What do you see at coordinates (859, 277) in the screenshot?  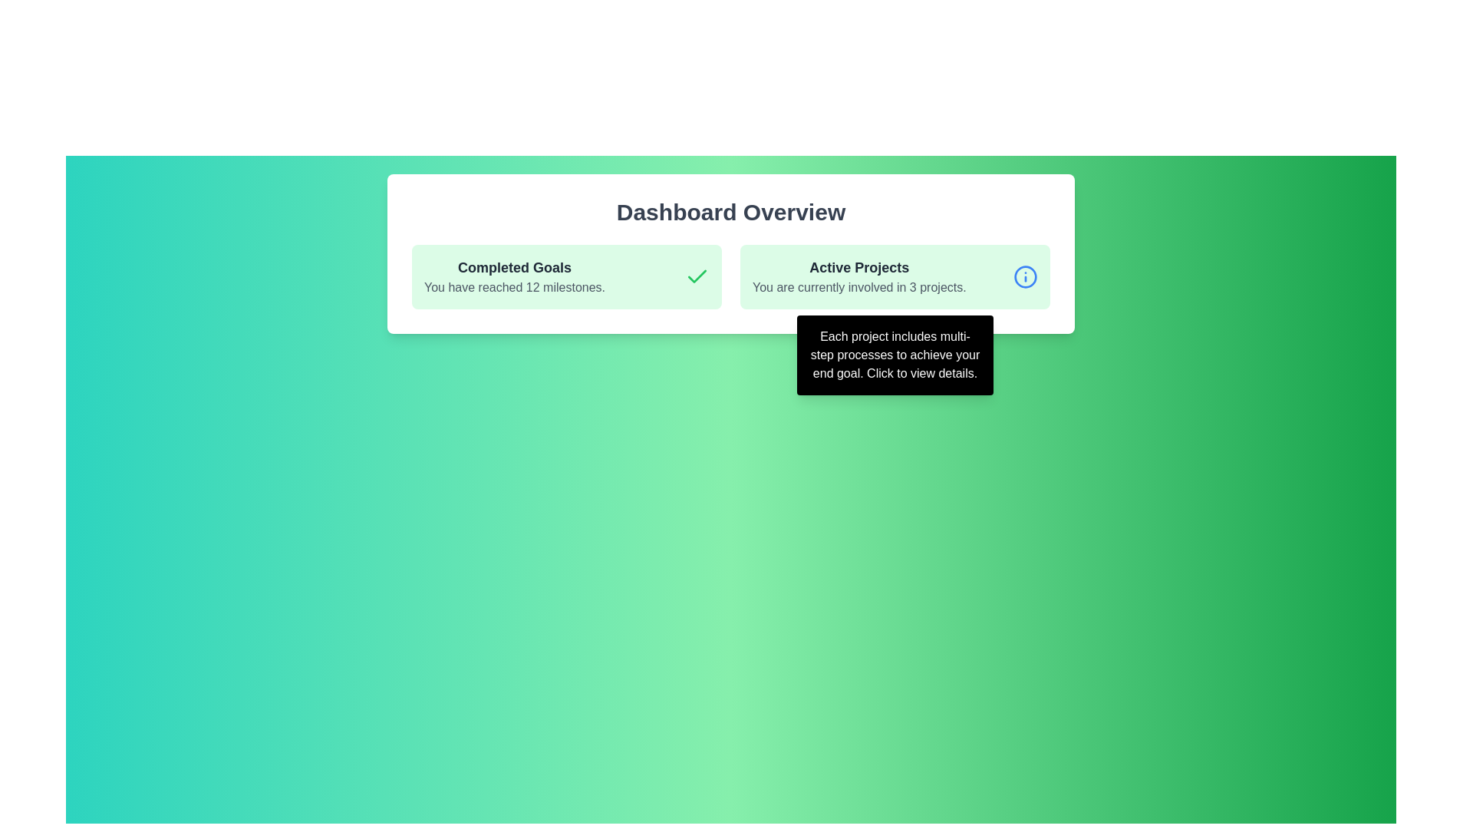 I see `the static text display that summarizes the number of active projects, located to the right of the 'Completed Goals' card in the 'Dashboard Overview' section` at bounding box center [859, 277].